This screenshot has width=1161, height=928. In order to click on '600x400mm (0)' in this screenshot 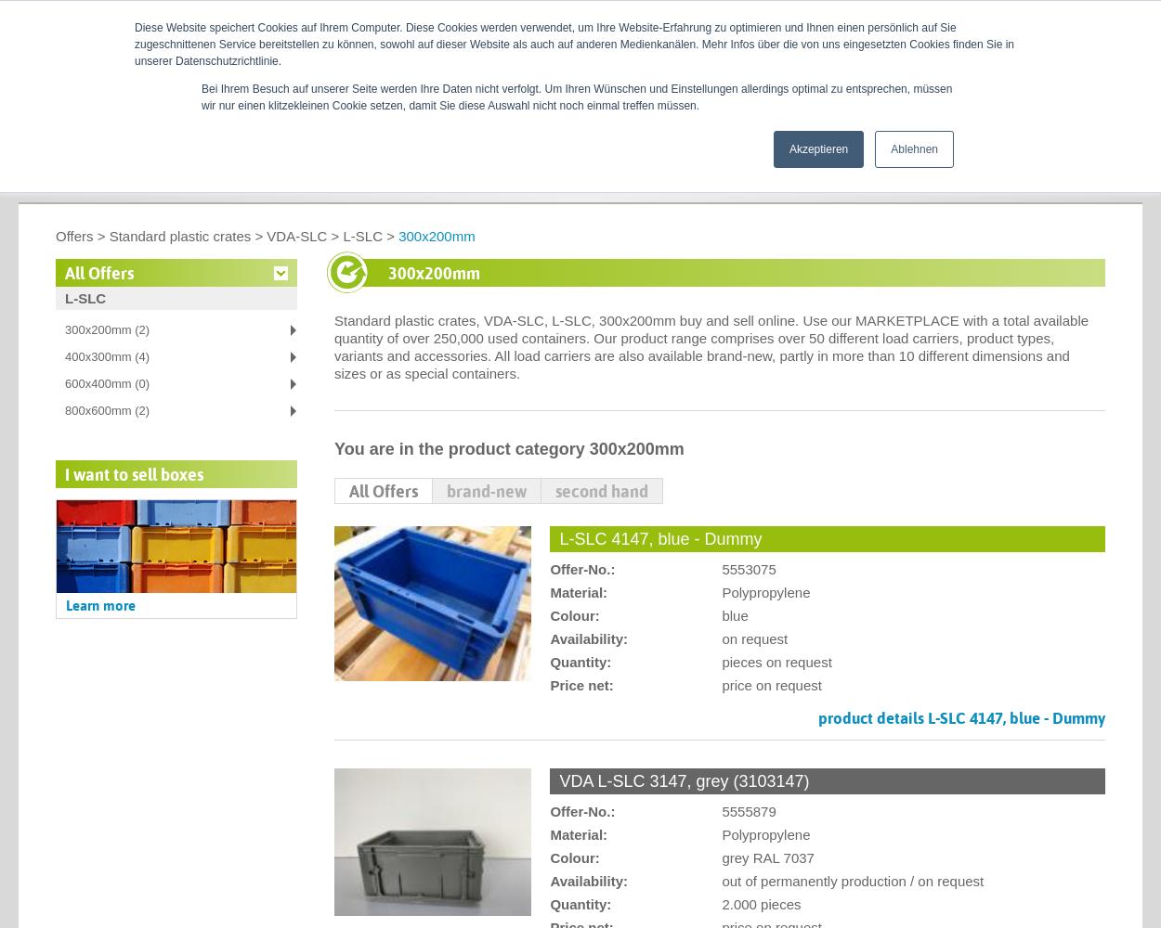, I will do `click(106, 383)`.